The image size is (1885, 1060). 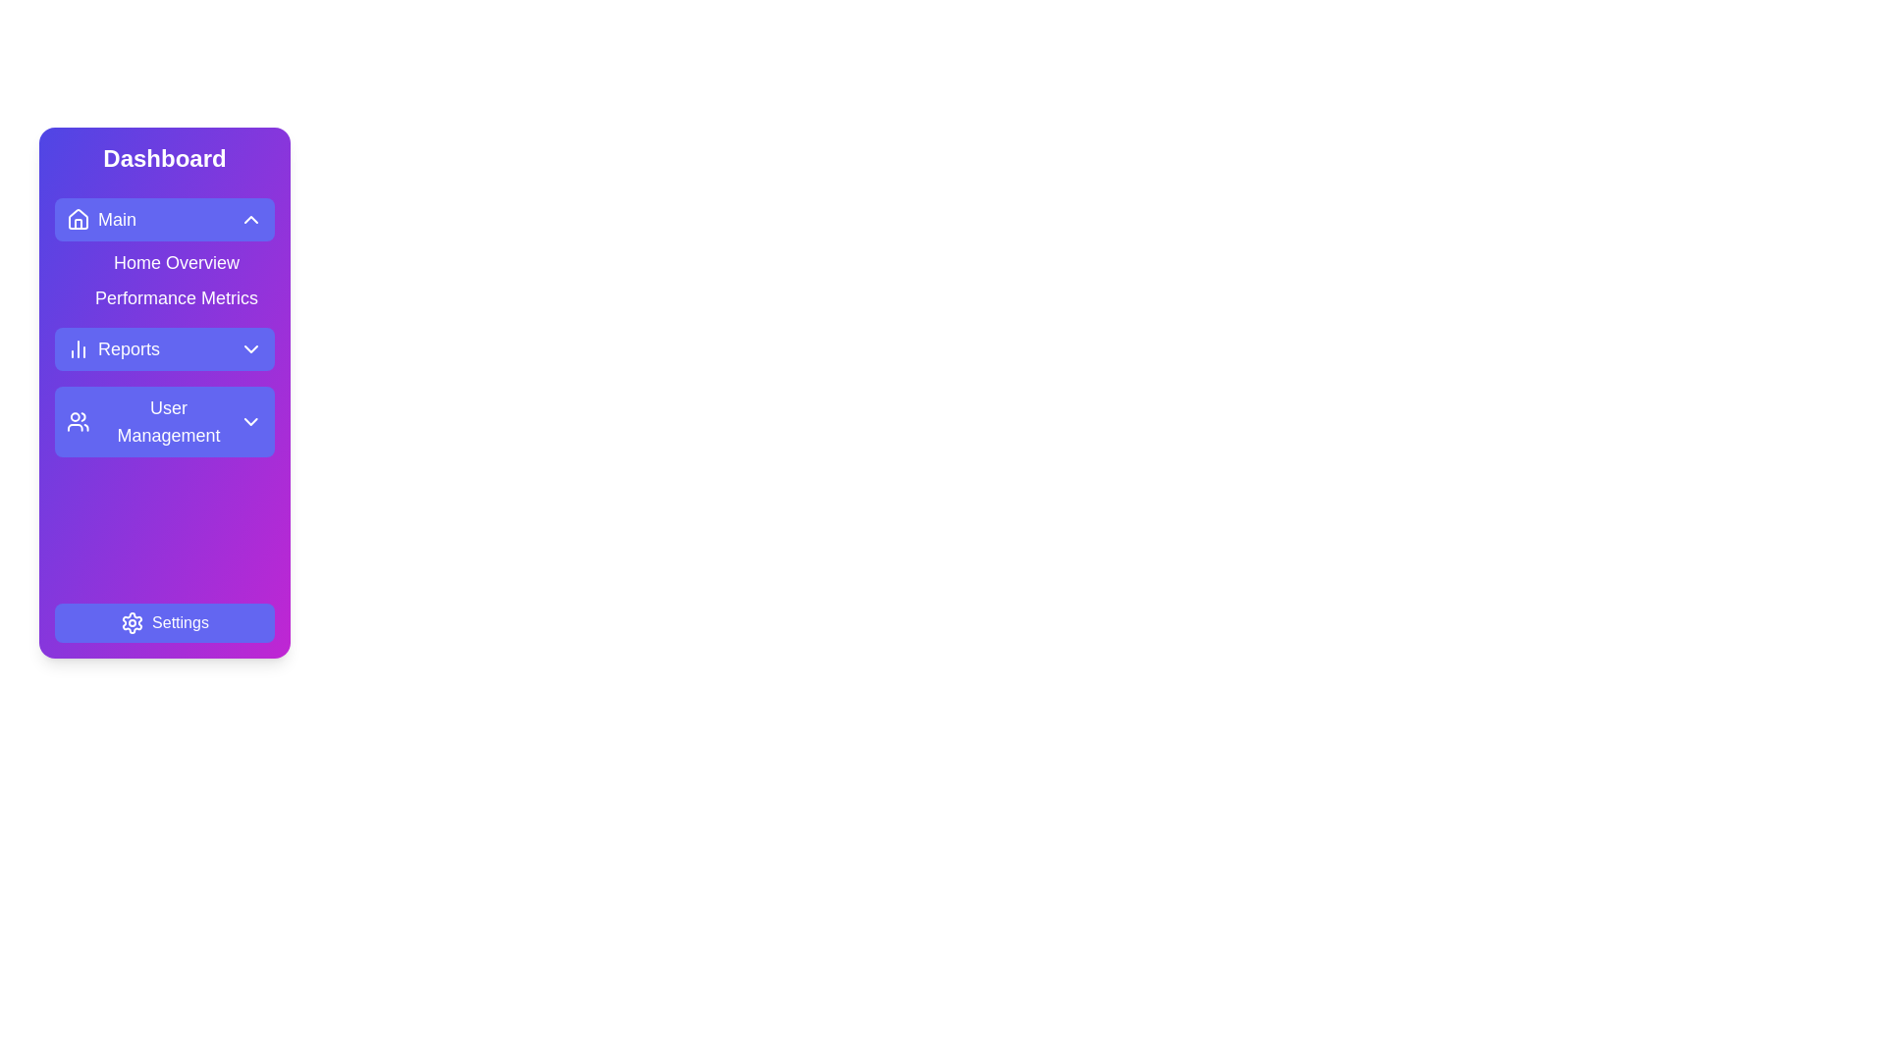 I want to click on the Navigation link that contains a house icon and the text 'Main', so click(x=100, y=219).